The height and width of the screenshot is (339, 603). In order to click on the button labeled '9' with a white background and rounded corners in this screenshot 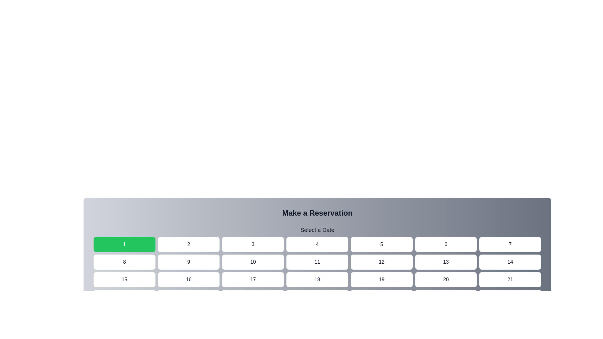, I will do `click(188, 262)`.